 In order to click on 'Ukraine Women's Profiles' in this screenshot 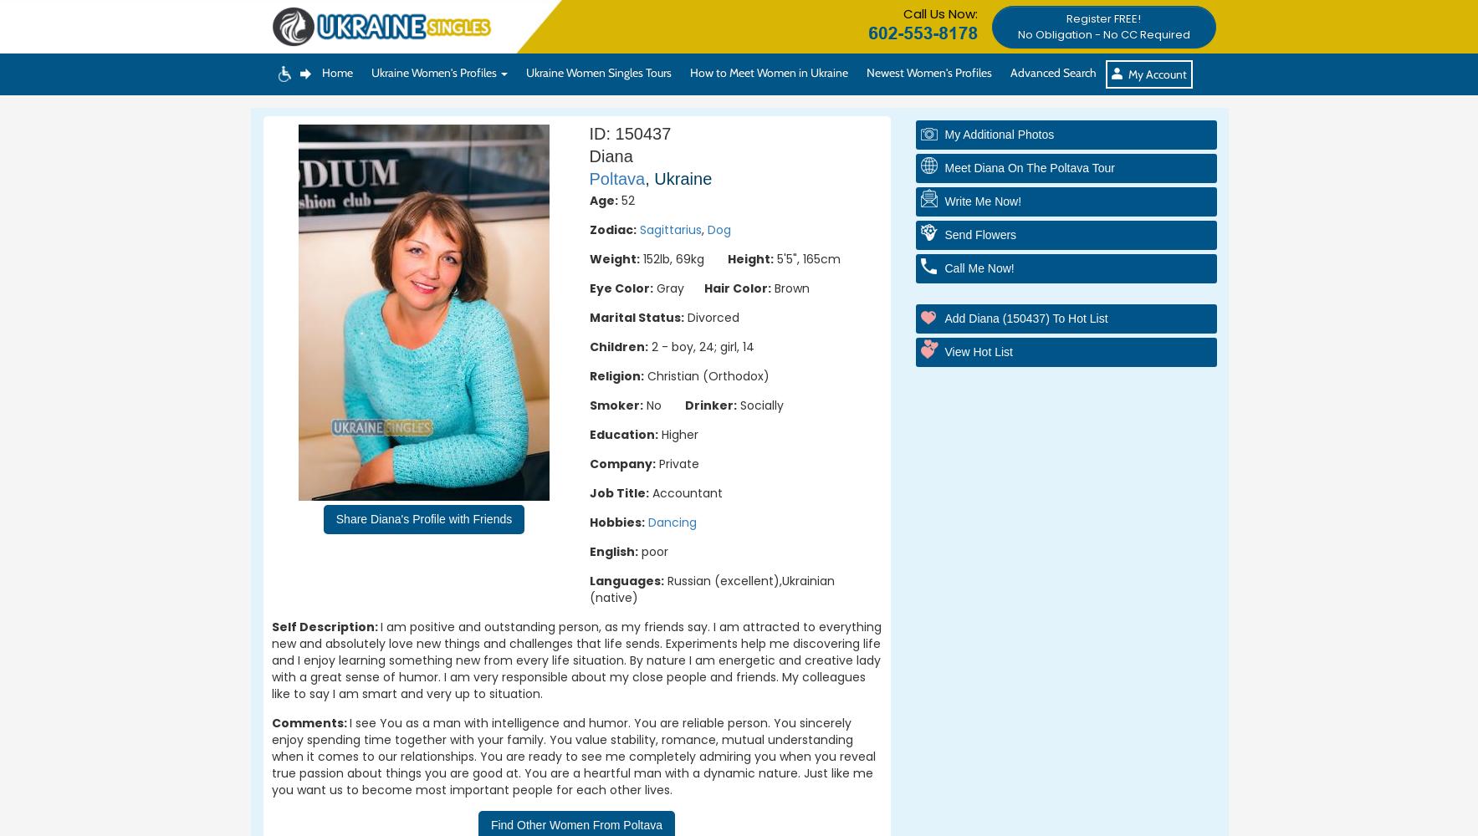, I will do `click(370, 72)`.